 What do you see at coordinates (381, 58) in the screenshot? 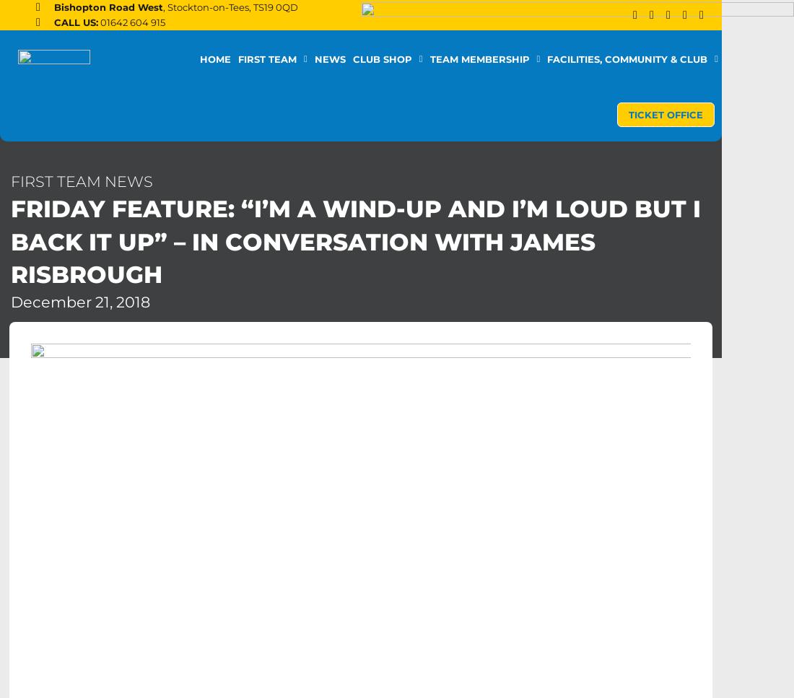
I see `'Club Shop'` at bounding box center [381, 58].